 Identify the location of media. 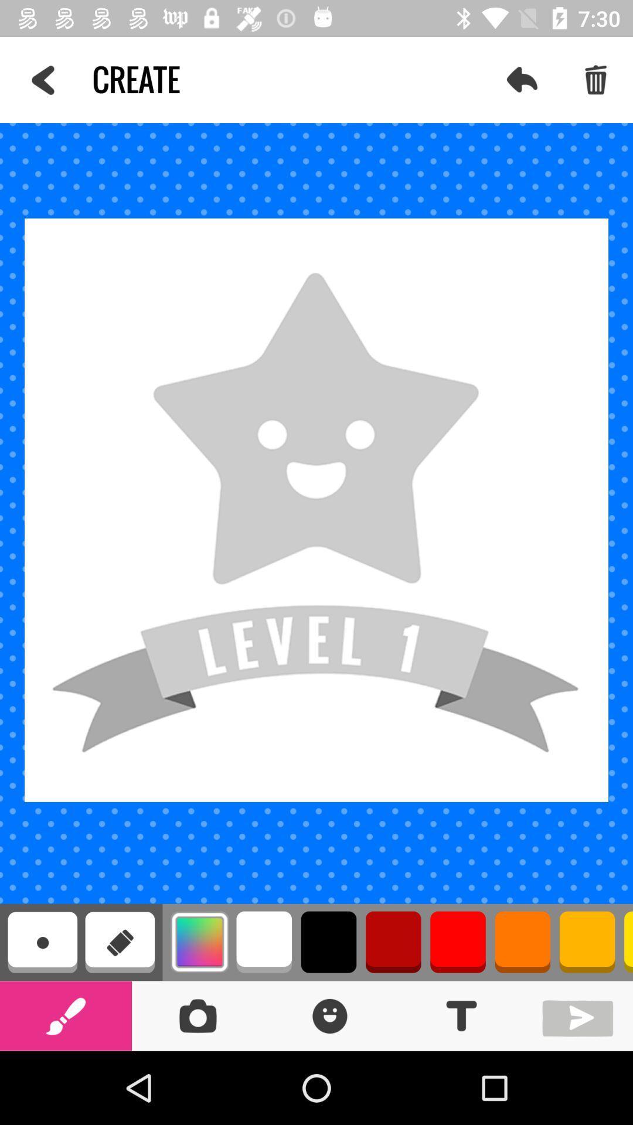
(580, 1015).